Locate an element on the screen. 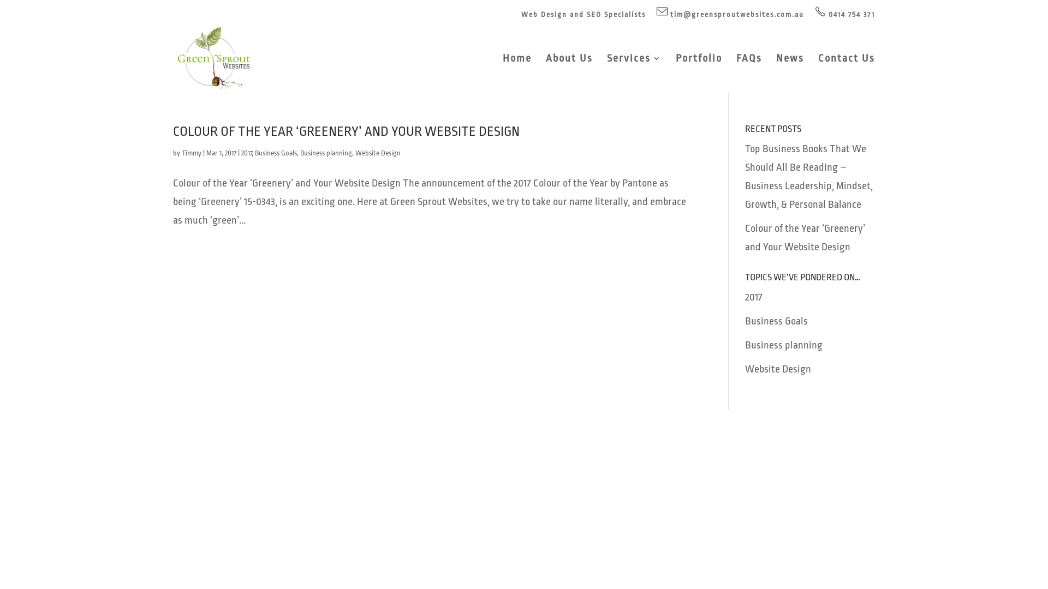 This screenshot has width=1048, height=589. 'Portfolio' is located at coordinates (675, 74).